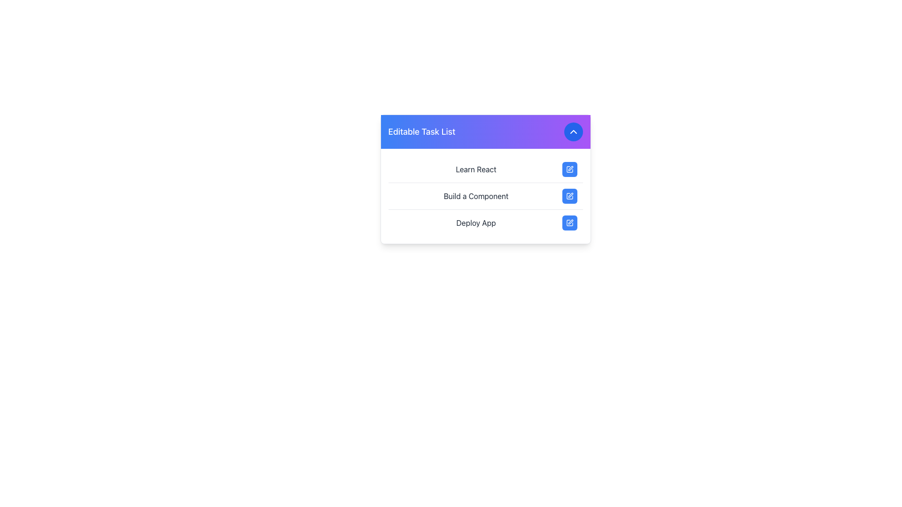  I want to click on the 'Edit' button located to the right of the 'Build a Component' label, so click(569, 195).